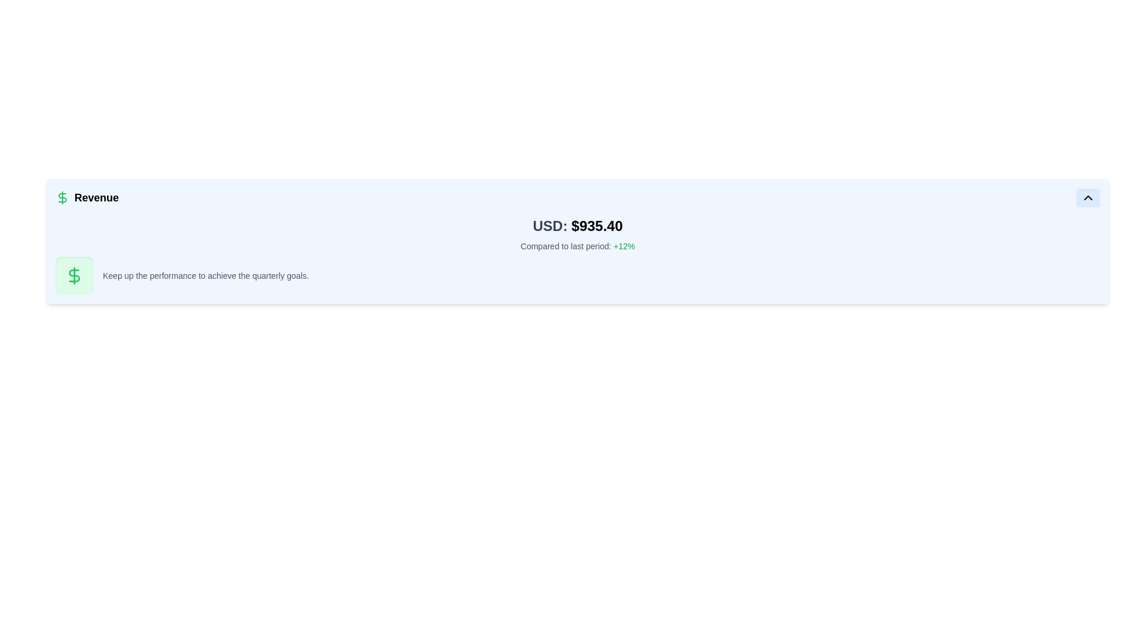  I want to click on revenue information label located in the upper left section of the information card, adjacent to the green dollar sign icon, so click(86, 197).